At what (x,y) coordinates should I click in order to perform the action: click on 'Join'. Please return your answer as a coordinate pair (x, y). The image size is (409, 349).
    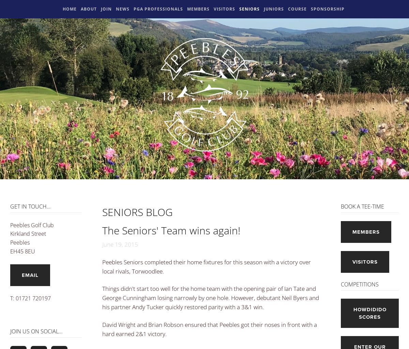
    Looking at the image, I should click on (106, 9).